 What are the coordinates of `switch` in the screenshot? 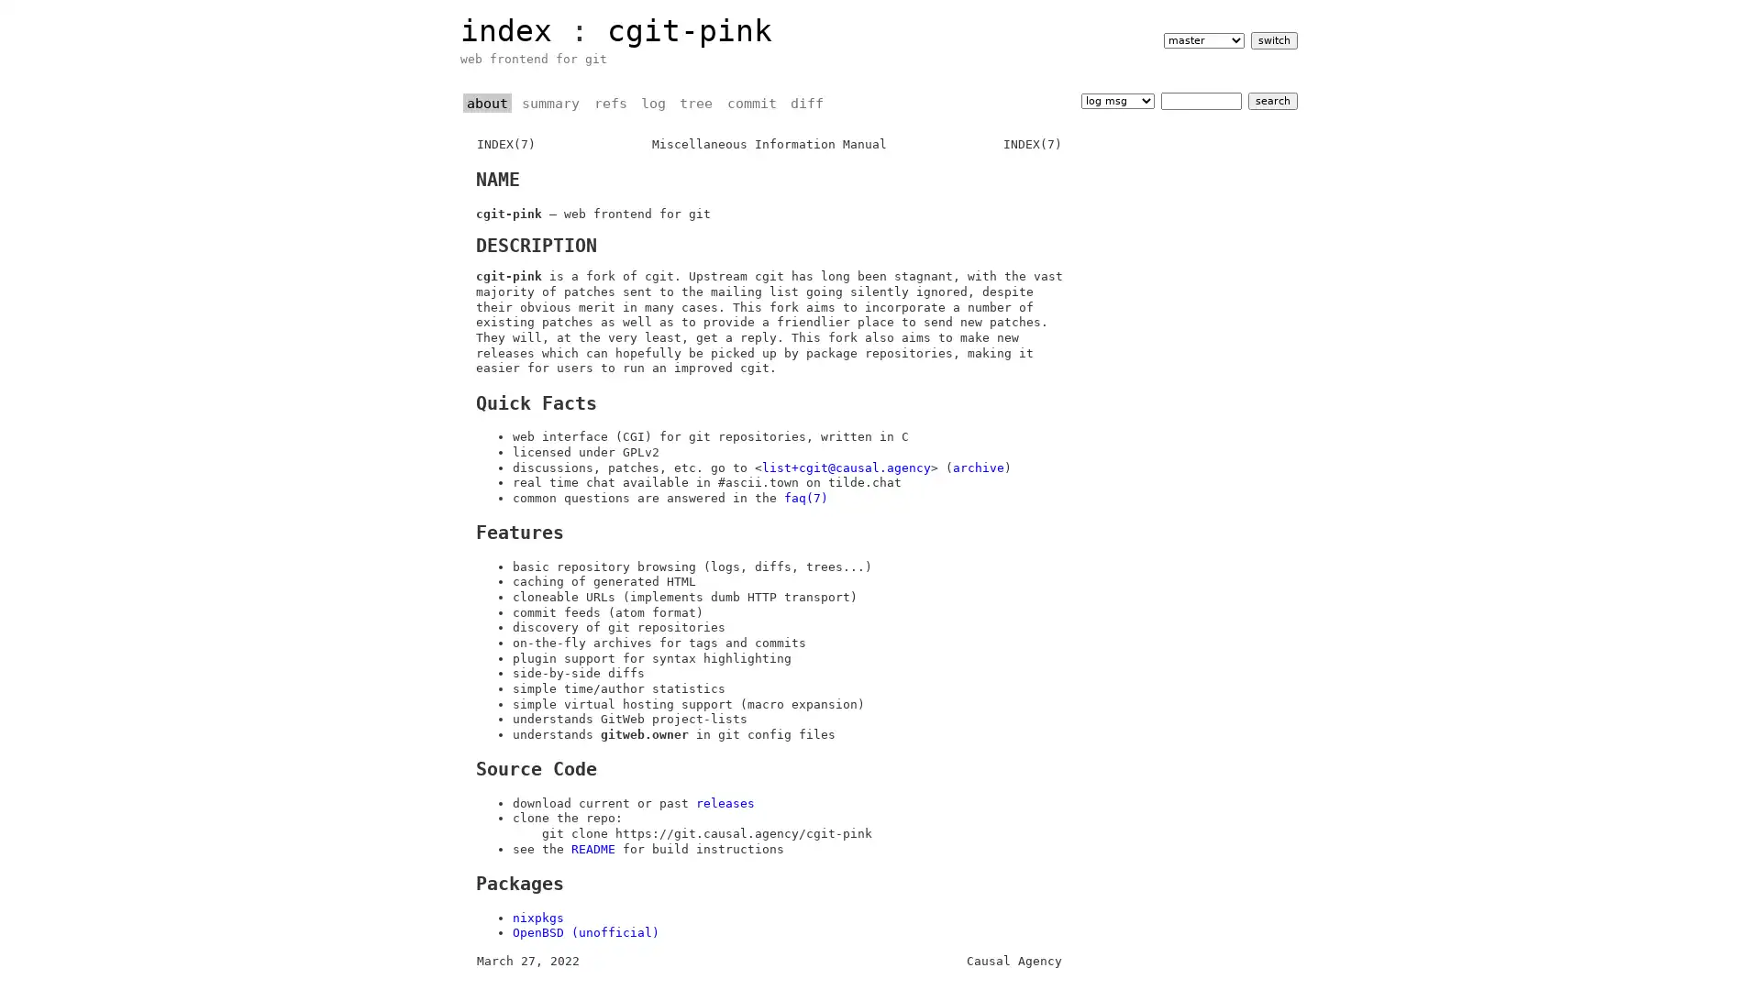 It's located at (1272, 39).